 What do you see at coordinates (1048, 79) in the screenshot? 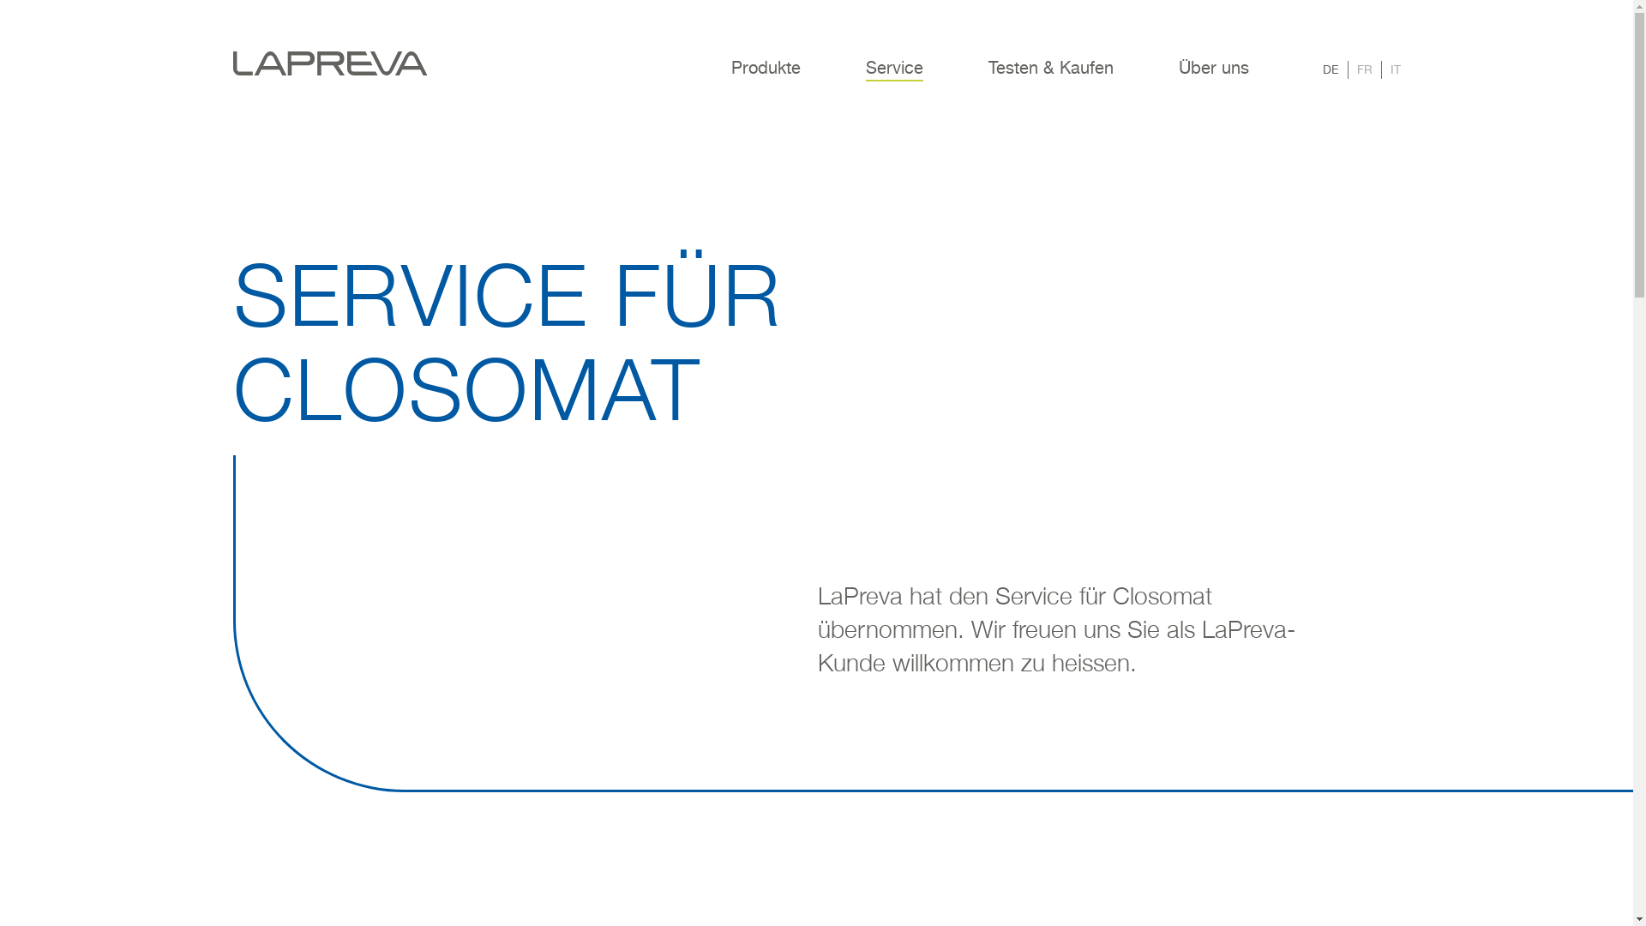
I see `'Testen & Kaufen'` at bounding box center [1048, 79].